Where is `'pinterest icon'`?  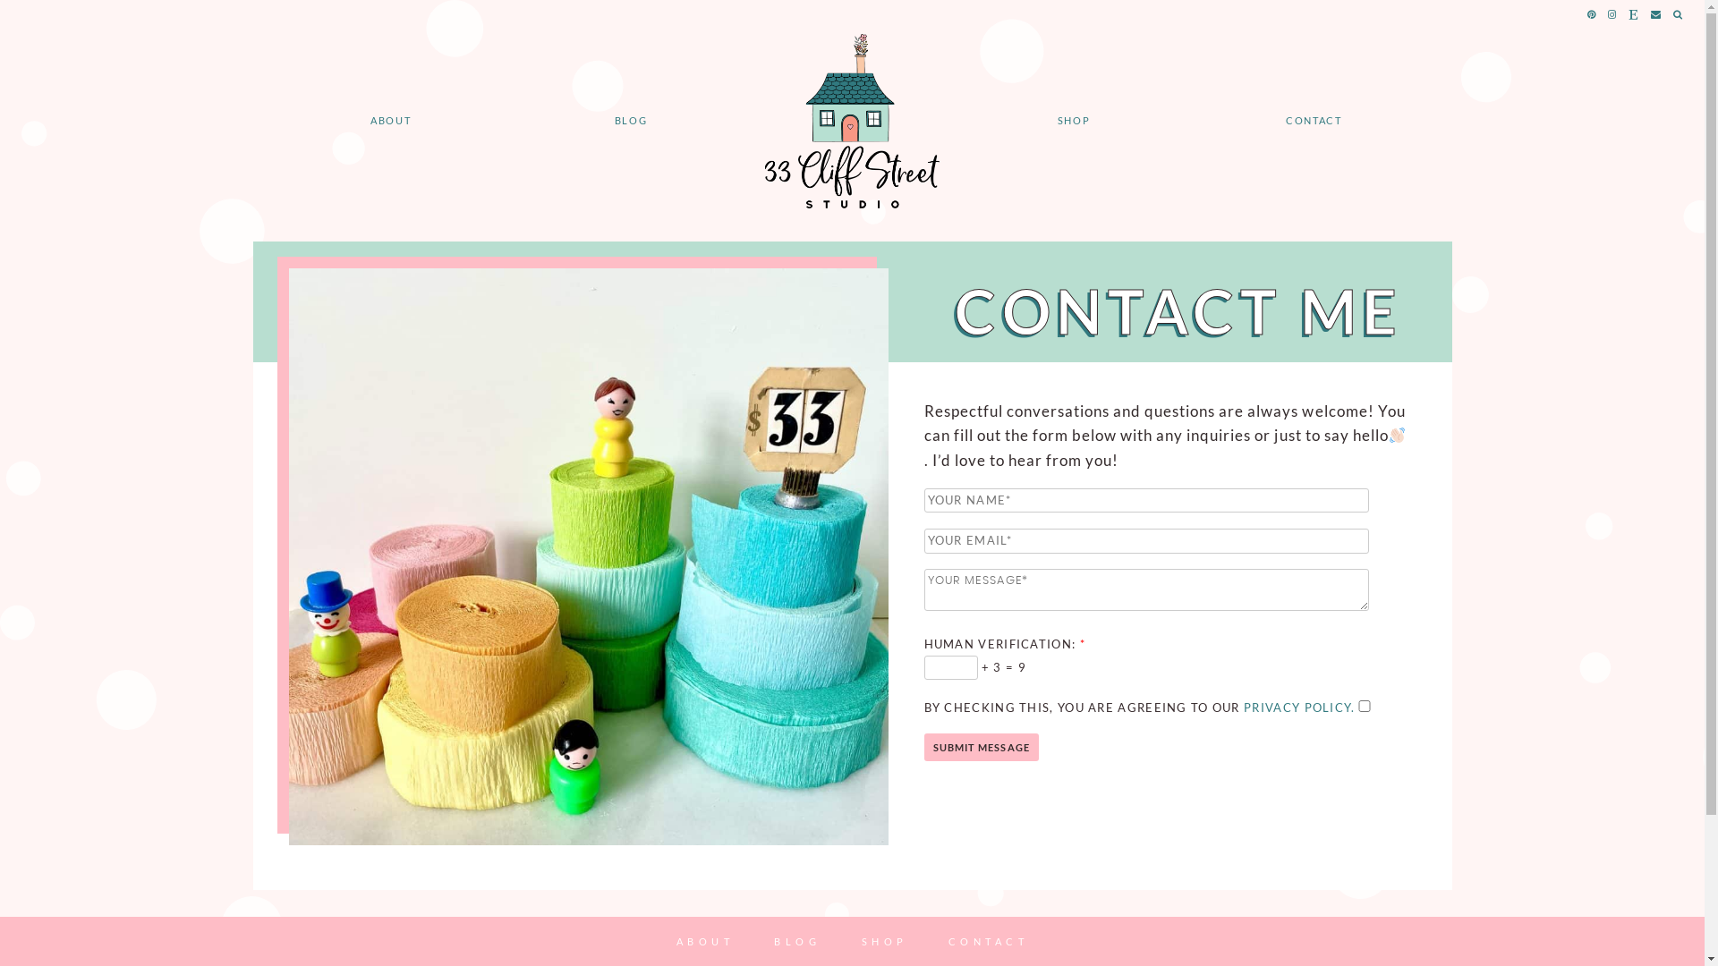
'pinterest icon' is located at coordinates (1592, 14).